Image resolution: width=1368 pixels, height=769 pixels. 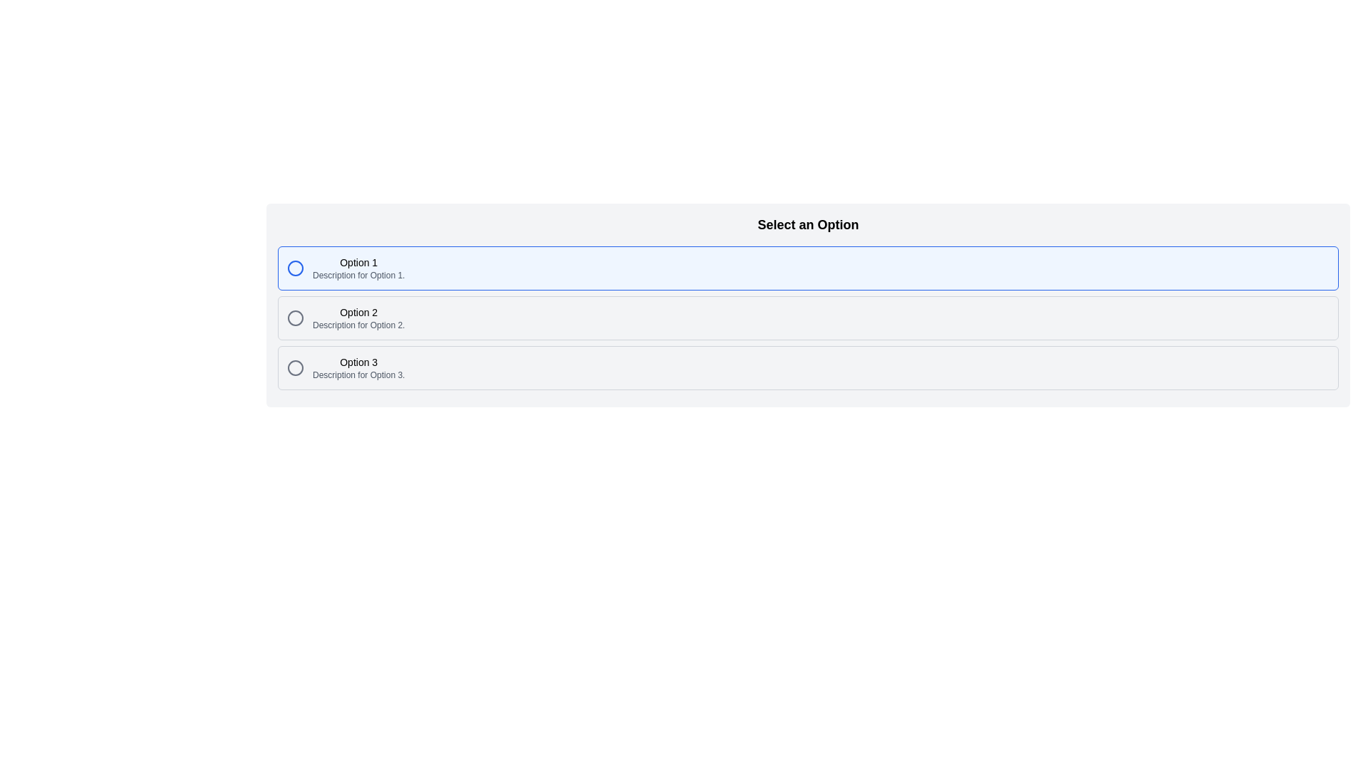 I want to click on the text label that displays the title of the second selectable option in the list, which is centrally positioned above the description 'Description for Option 2.', so click(x=358, y=312).